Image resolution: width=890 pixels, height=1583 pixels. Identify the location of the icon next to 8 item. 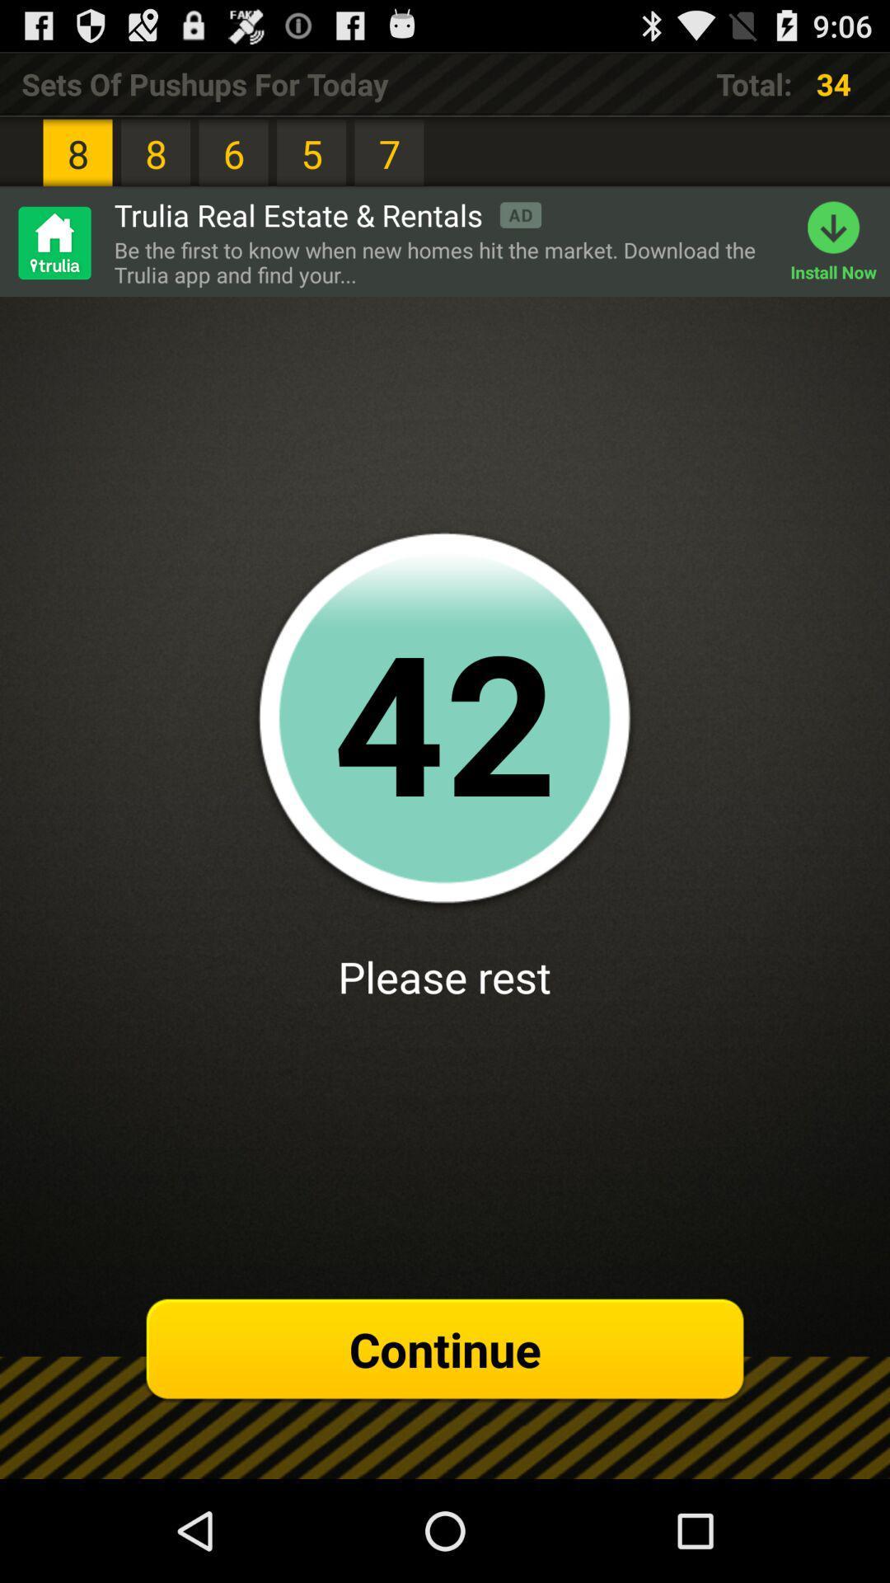
(327, 214).